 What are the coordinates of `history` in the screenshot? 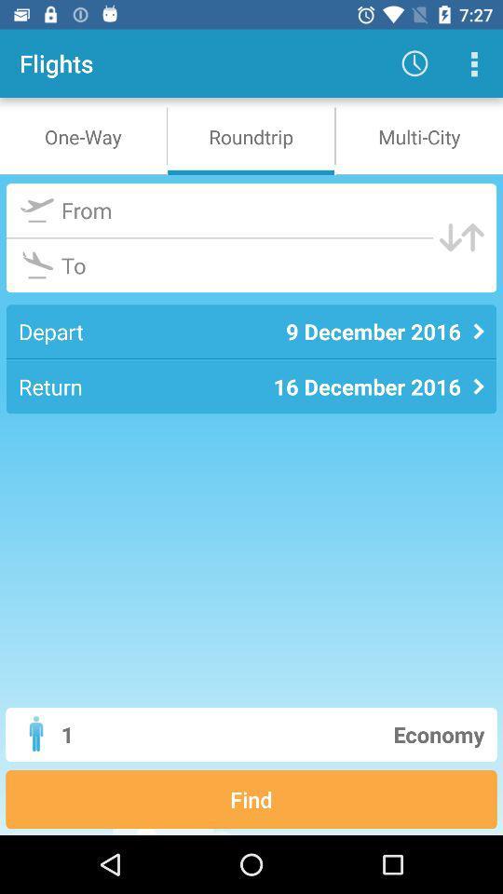 It's located at (473, 63).